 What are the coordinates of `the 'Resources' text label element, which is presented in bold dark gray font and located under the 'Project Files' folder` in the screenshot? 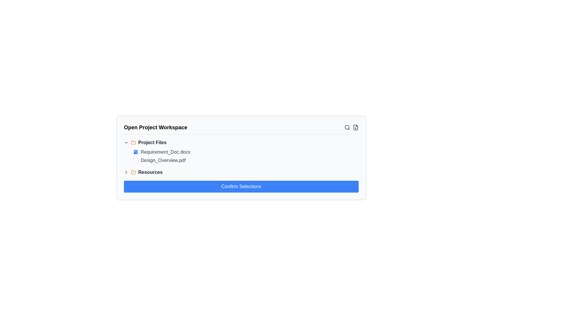 It's located at (150, 172).